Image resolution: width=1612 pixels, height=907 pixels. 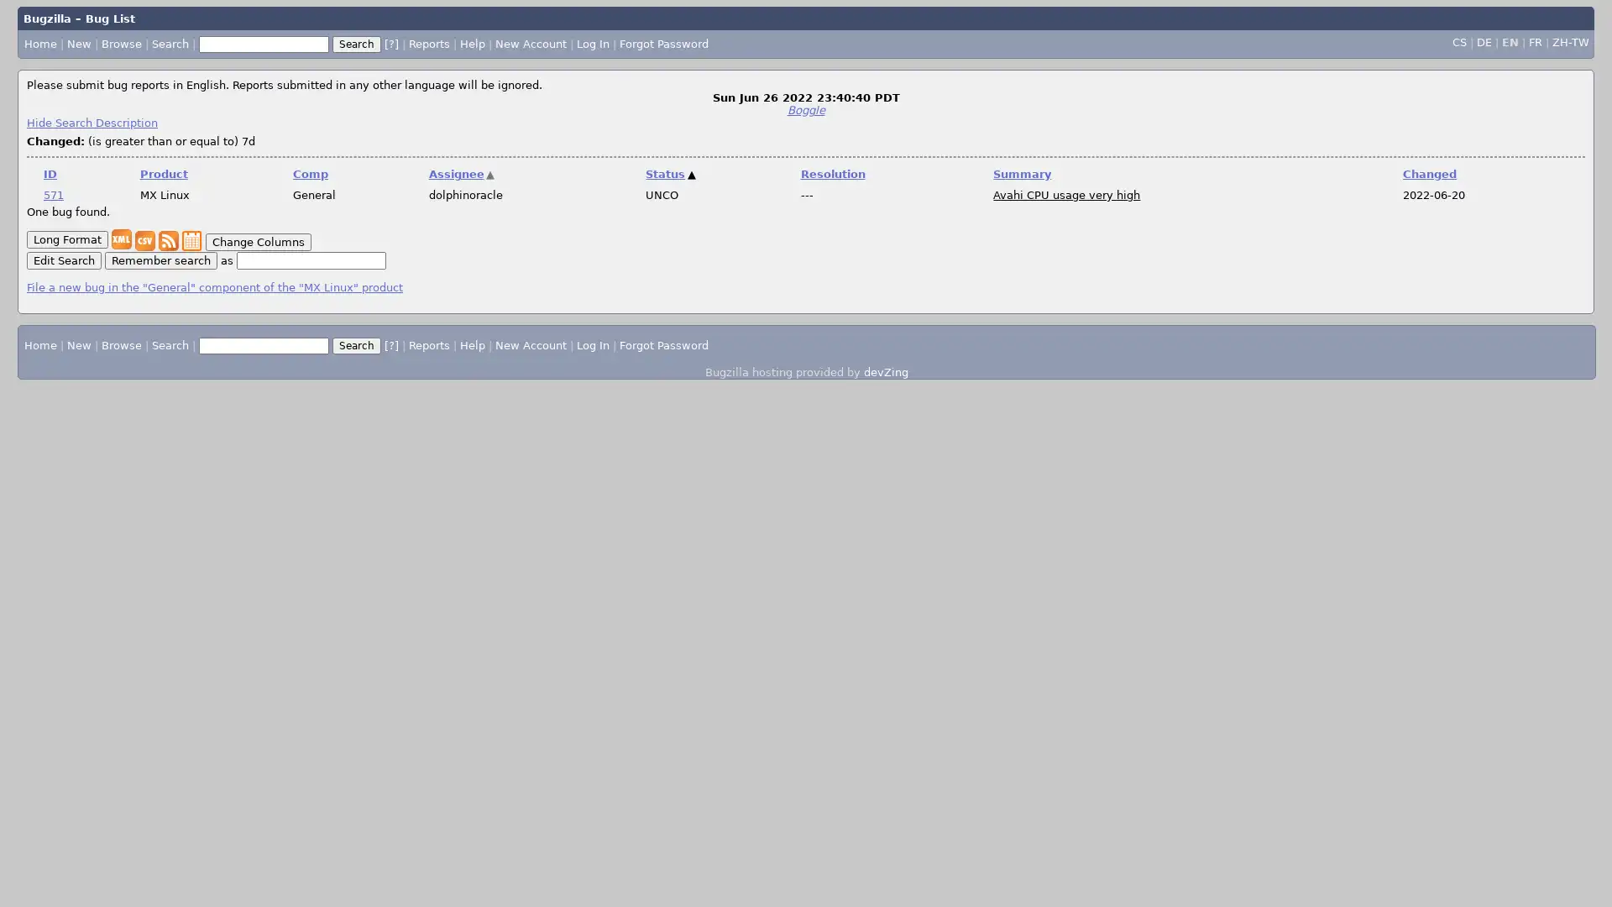 What do you see at coordinates (356, 345) in the screenshot?
I see `Search` at bounding box center [356, 345].